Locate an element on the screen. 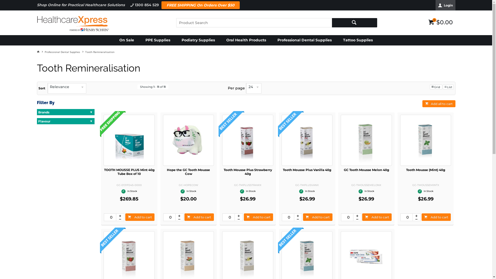 This screenshot has height=279, width=496. 'TOOTH MOUSSE PLUS Mint 40g Tube Box of 10' is located at coordinates (129, 172).